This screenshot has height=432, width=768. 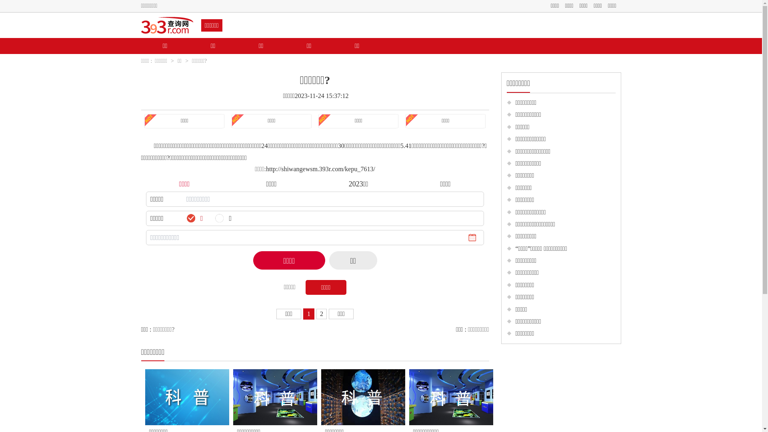 I want to click on '2', so click(x=320, y=313).